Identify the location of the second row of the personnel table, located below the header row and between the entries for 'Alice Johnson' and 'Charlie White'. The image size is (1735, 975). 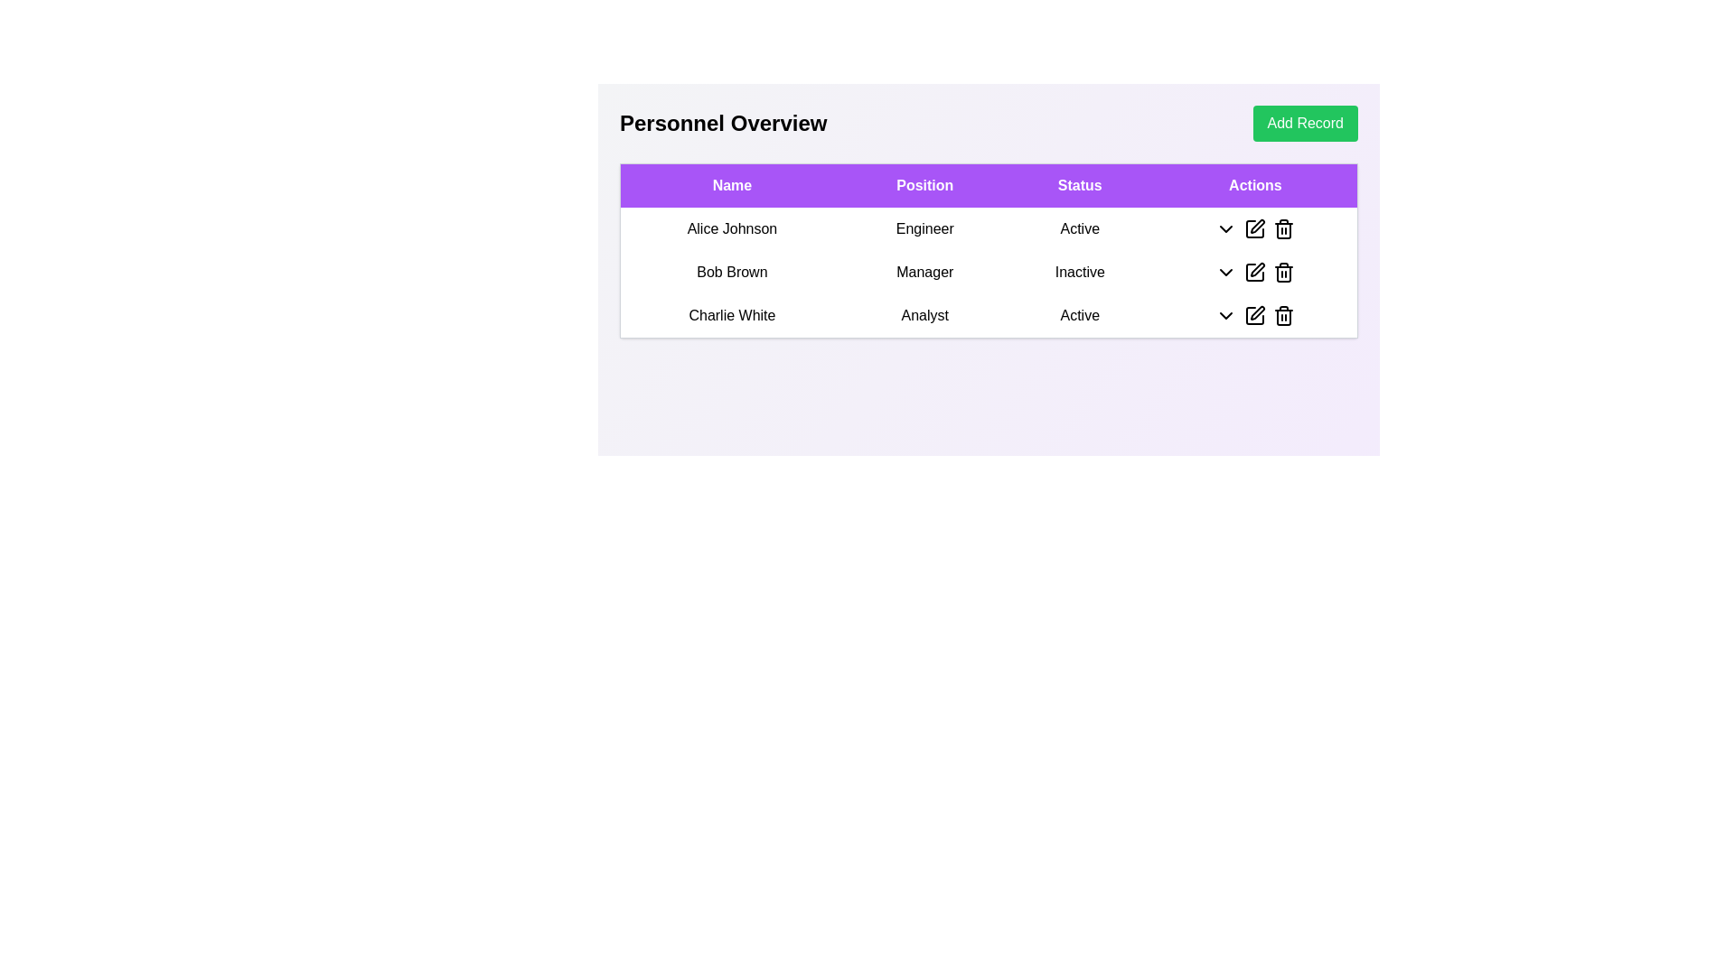
(988, 273).